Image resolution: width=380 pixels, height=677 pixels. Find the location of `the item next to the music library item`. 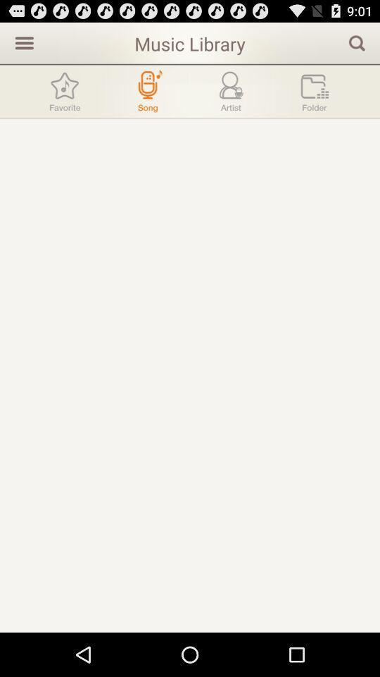

the item next to the music library item is located at coordinates (22, 42).